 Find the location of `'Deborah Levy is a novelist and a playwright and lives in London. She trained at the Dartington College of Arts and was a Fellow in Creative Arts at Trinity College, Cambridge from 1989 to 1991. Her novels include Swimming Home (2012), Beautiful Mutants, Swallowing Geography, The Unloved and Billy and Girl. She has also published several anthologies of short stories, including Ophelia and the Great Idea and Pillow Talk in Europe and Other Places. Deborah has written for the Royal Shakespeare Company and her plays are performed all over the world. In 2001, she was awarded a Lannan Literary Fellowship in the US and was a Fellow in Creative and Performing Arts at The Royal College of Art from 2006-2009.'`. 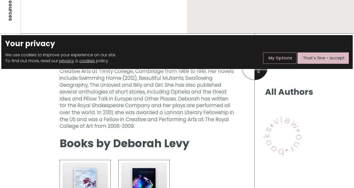

'Deborah Levy is a novelist and a playwright and lives in London. She trained at the Dartington College of Arts and was a Fellow in Creative Arts at Trinity College, Cambridge from 1989 to 1991. Her novels include Swimming Home (2012), Beautiful Mutants, Swallowing Geography, The Unloved and Billy and Girl. She has also published several anthologies of short stories, including Ophelia and the Great Idea and Pillow Talk in Europe and Other Places. Deborah has written for the Royal Shakespeare Company and her plays are performed all over the world. In 2001, she was awarded a Lannan Literary Fellowship in the US and was a Fellow in Creative and Performing Arts at The Royal College of Art from 2006-2009.' is located at coordinates (60, 92).